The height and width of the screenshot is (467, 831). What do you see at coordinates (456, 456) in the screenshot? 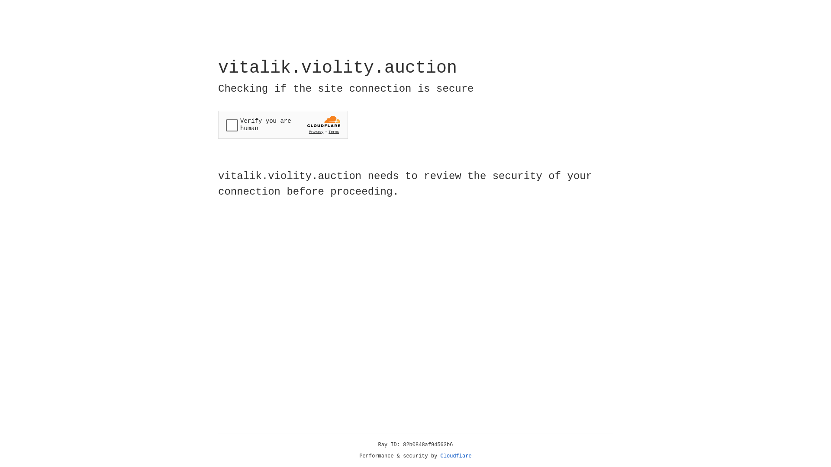
I see `'Cloudflare'` at bounding box center [456, 456].